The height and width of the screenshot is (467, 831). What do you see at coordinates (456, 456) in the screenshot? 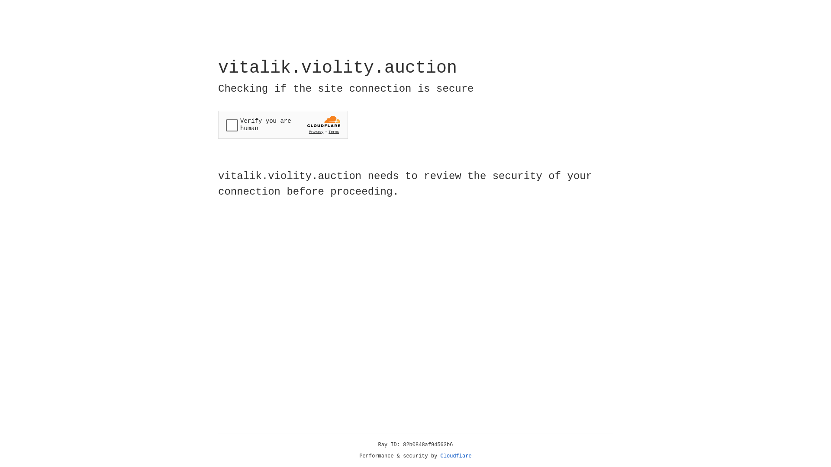
I see `'Cloudflare'` at bounding box center [456, 456].